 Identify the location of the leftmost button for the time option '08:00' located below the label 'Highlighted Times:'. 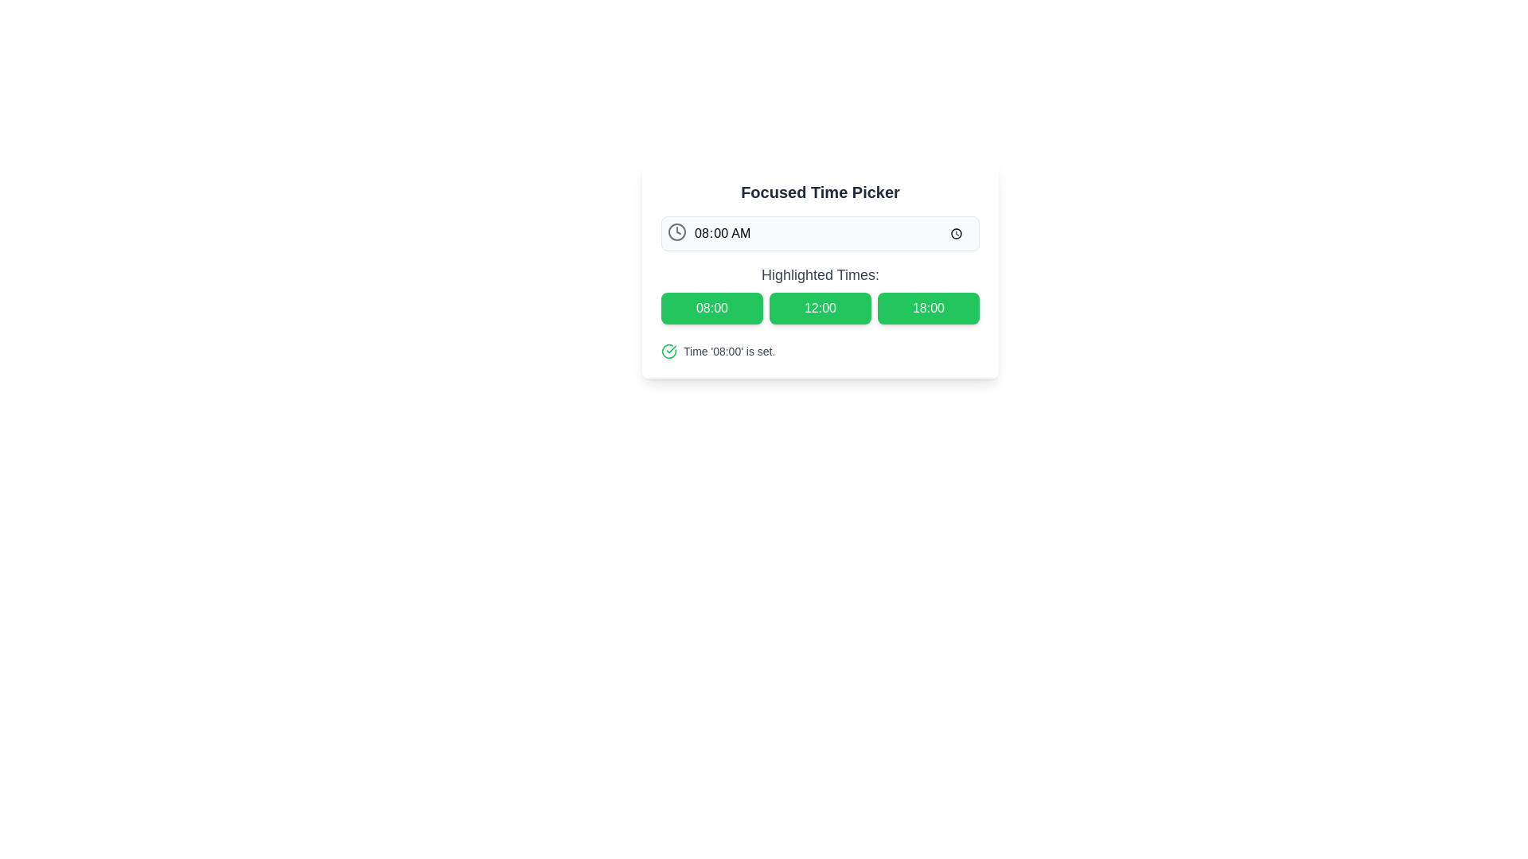
(711, 309).